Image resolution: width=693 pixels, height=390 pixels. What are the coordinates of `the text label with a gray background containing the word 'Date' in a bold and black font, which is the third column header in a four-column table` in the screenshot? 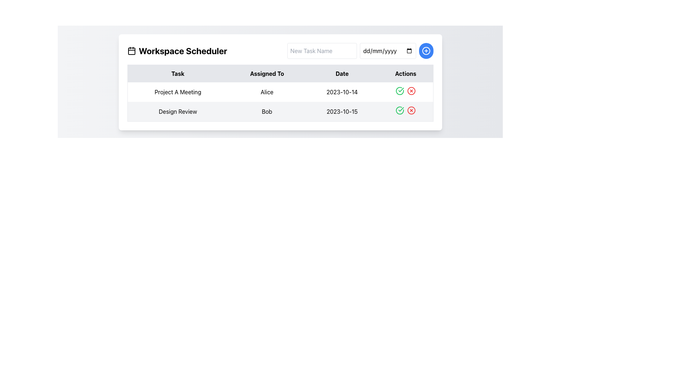 It's located at (341, 73).